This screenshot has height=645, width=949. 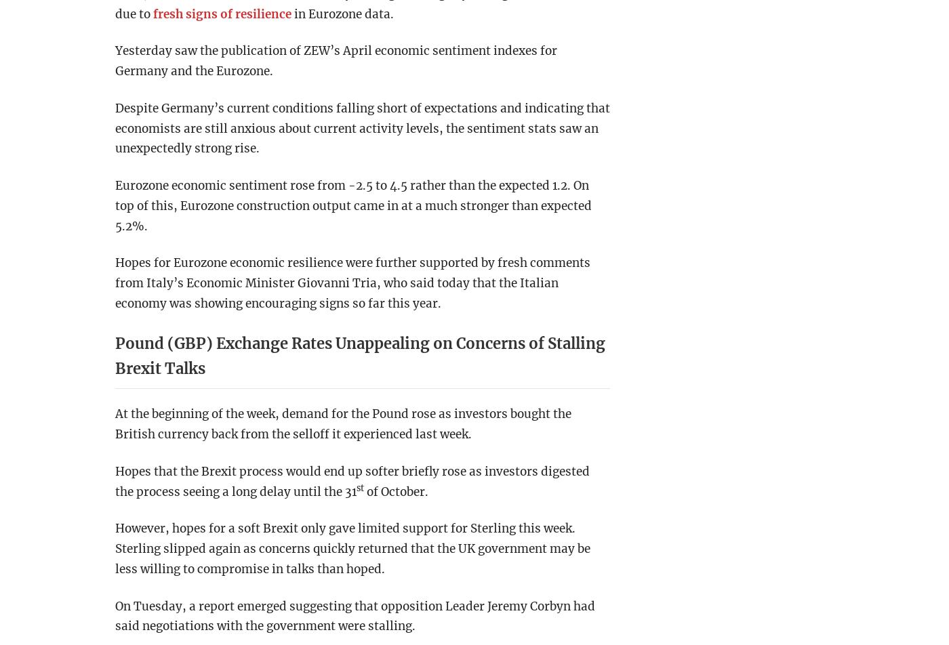 I want to click on 'in Eurozone data.', so click(x=342, y=13).